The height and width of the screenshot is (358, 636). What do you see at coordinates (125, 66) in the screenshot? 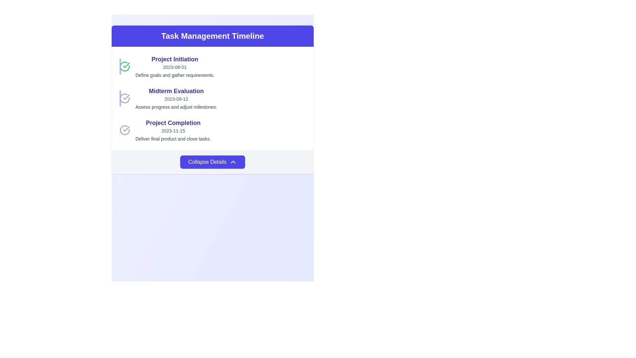
I see `the green circular icon with a checkmark, which is the first item on the left in the task timeline interface next to the 'Project Initiation' title` at bounding box center [125, 66].